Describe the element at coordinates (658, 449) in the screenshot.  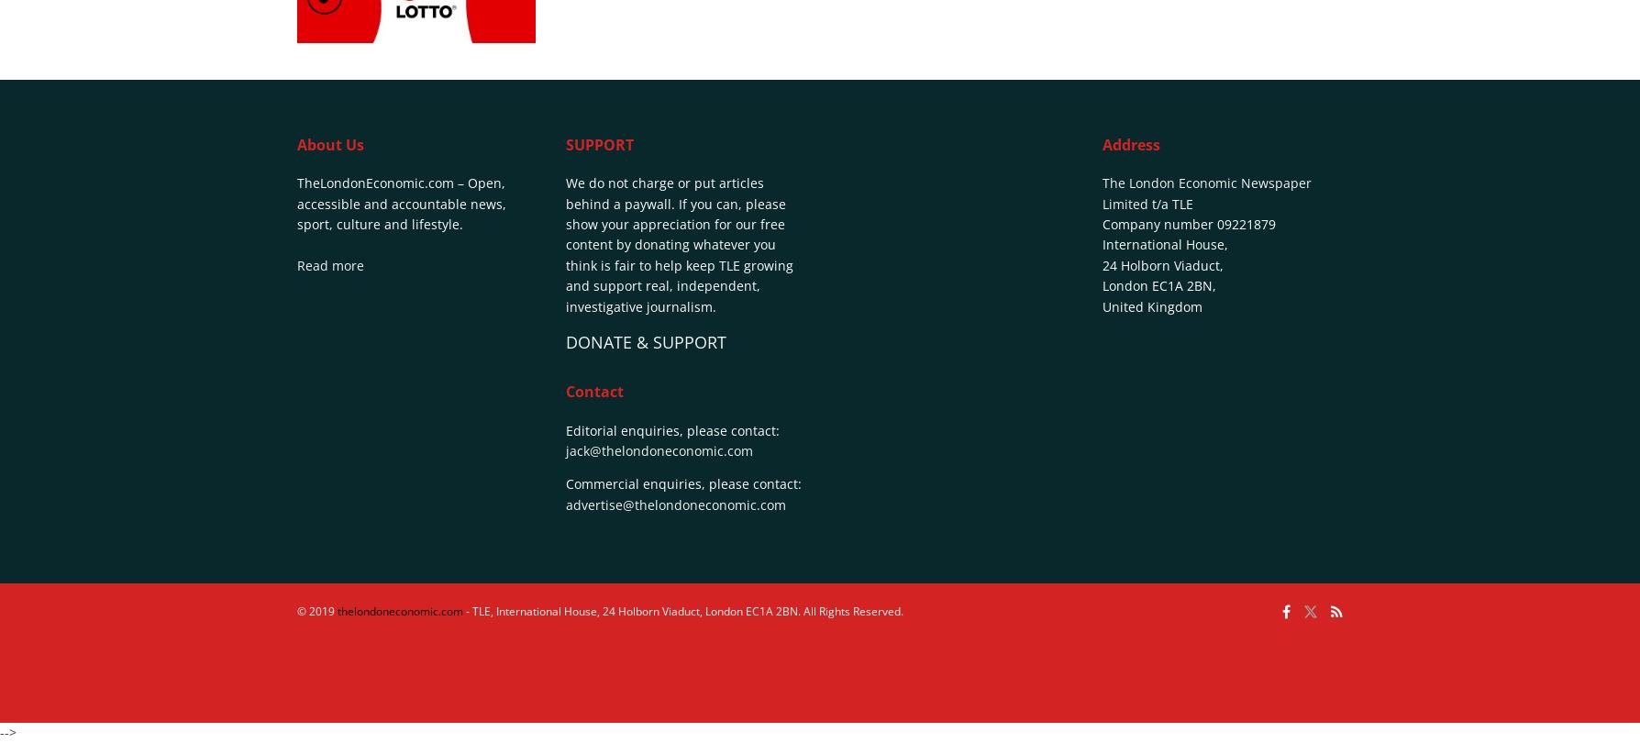
I see `'jack@thelondoneconomic.com'` at that location.